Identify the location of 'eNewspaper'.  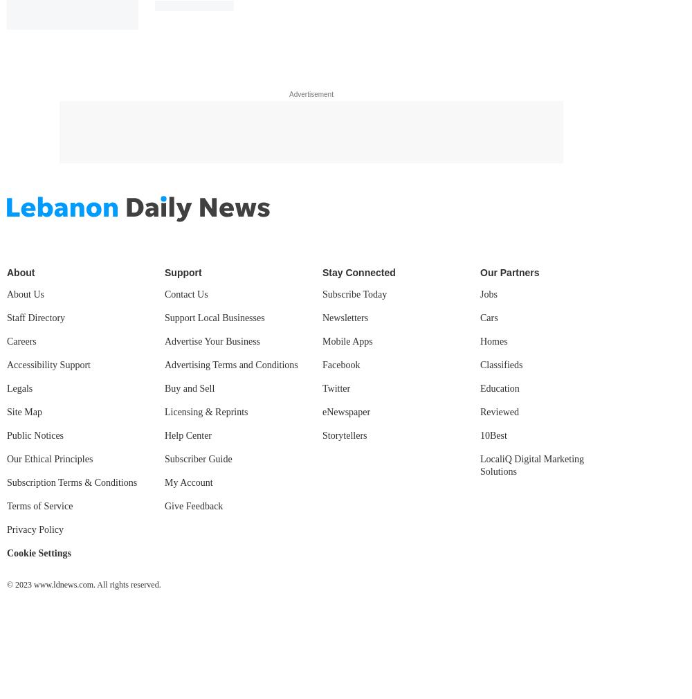
(346, 410).